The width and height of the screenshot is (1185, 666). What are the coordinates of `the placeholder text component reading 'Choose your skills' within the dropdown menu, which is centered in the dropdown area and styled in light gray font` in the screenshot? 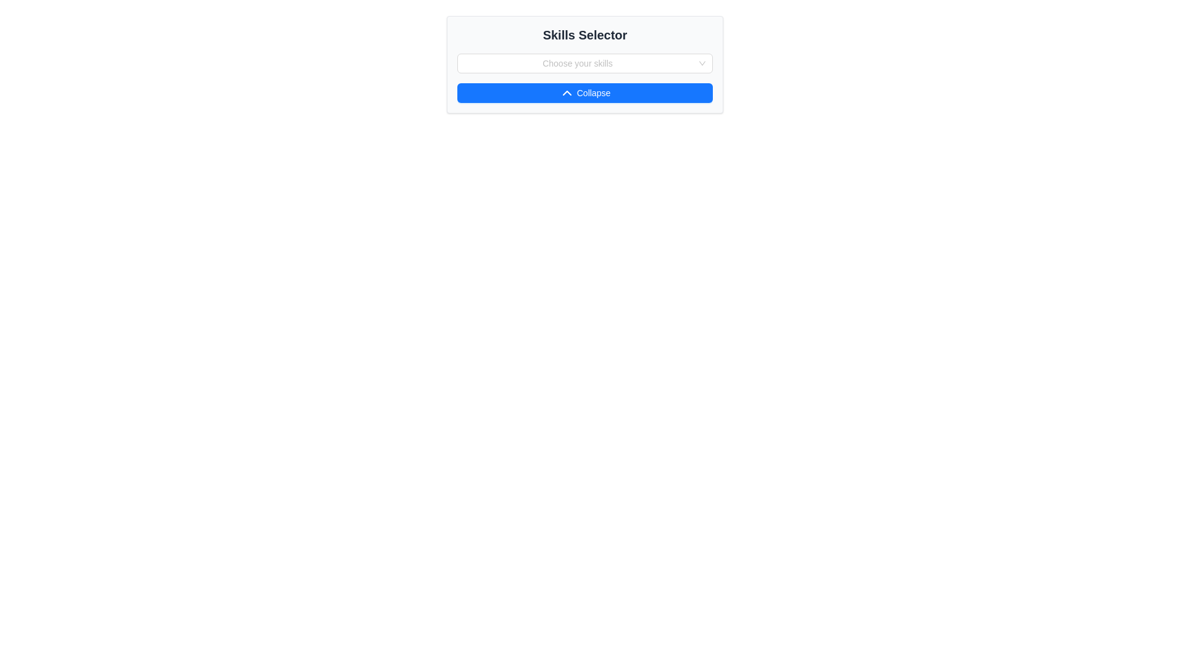 It's located at (577, 64).